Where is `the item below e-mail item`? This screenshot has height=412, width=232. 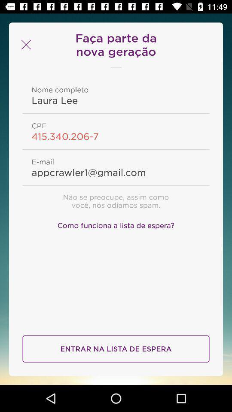 the item below e-mail item is located at coordinates (116, 172).